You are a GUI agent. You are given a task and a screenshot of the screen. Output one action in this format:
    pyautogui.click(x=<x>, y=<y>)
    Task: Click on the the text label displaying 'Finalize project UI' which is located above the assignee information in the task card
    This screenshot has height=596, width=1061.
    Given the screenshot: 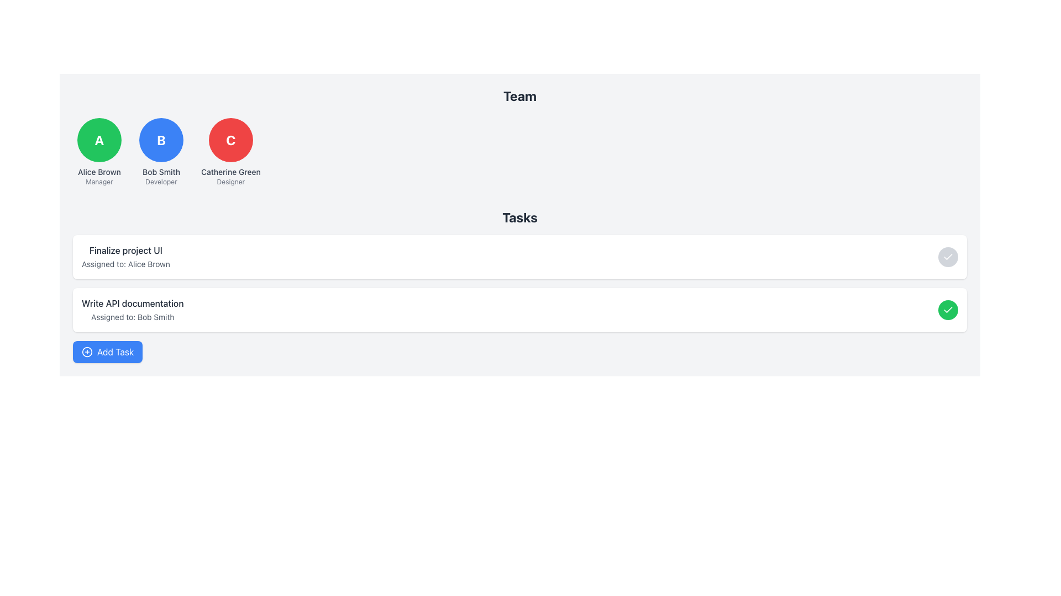 What is the action you would take?
    pyautogui.click(x=125, y=251)
    